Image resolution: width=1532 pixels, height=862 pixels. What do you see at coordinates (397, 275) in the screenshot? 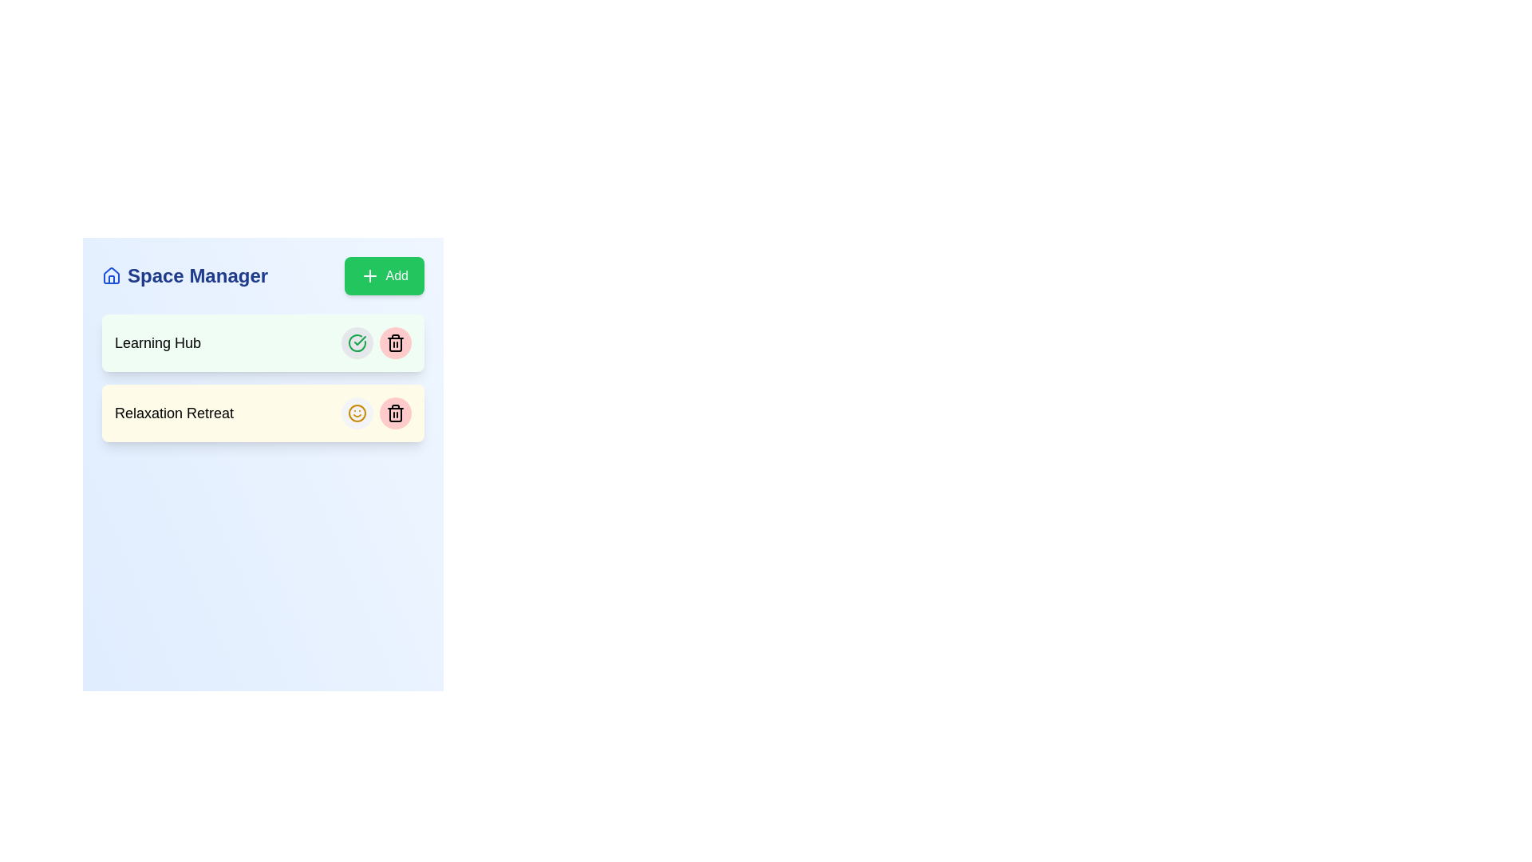
I see `the 'Add' text label located on the green button at the far right of the horizontal bar near the top of the interface` at bounding box center [397, 275].